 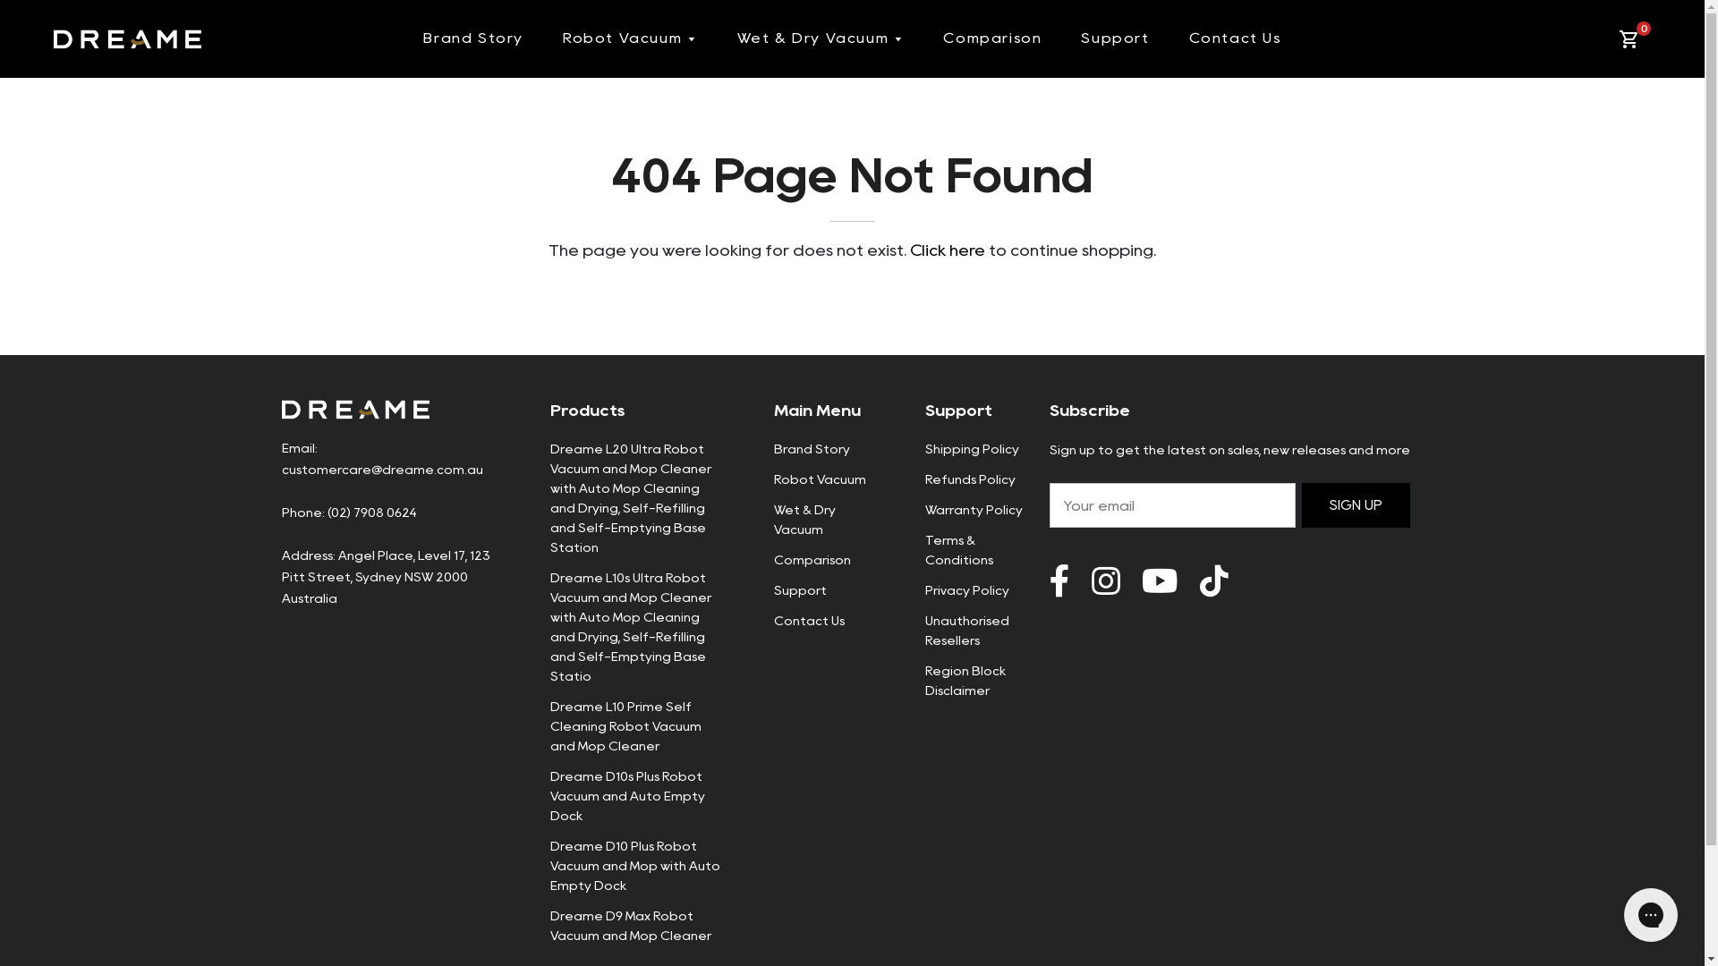 What do you see at coordinates (625, 726) in the screenshot?
I see `'Dreame L10 Prime Self Cleaning Robot Vacuum and Mop Cleaner'` at bounding box center [625, 726].